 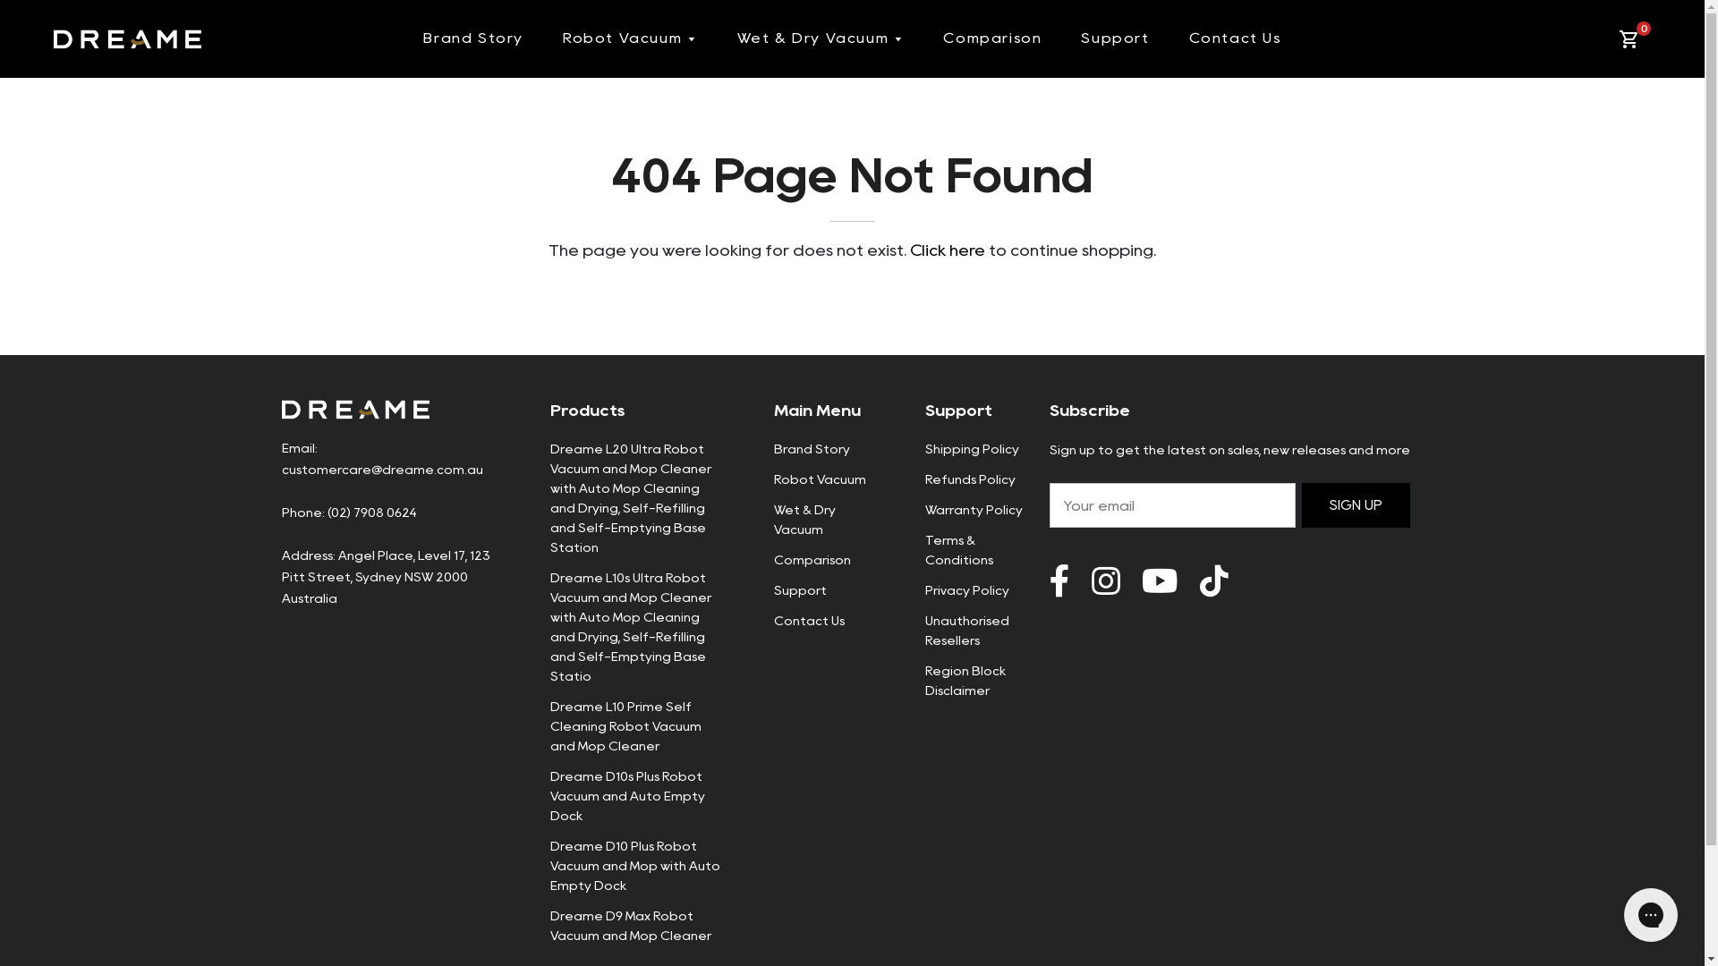 What do you see at coordinates (625, 726) in the screenshot?
I see `'Dreame L10 Prime Self Cleaning Robot Vacuum and Mop Cleaner'` at bounding box center [625, 726].